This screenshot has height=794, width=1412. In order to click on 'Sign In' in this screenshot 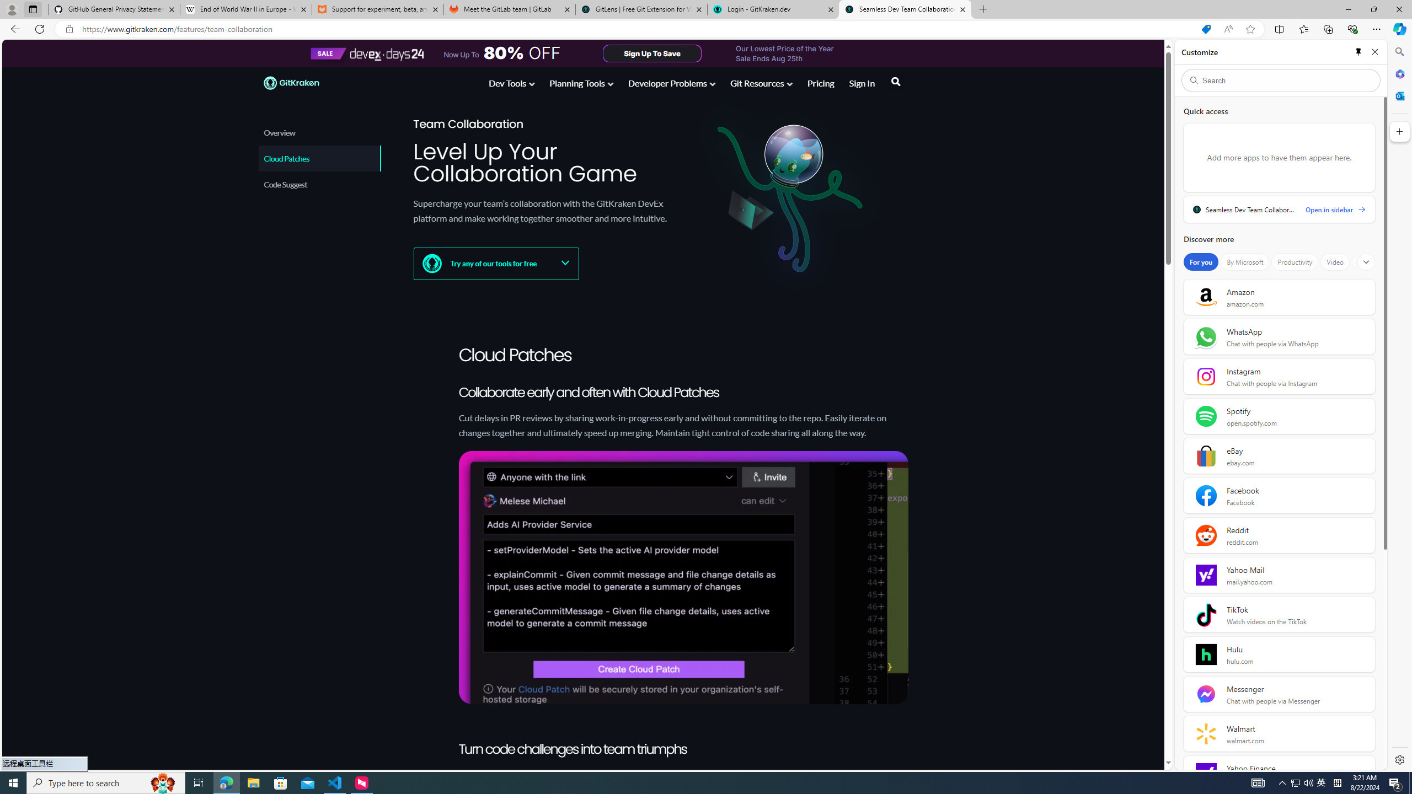, I will do `click(861, 84)`.